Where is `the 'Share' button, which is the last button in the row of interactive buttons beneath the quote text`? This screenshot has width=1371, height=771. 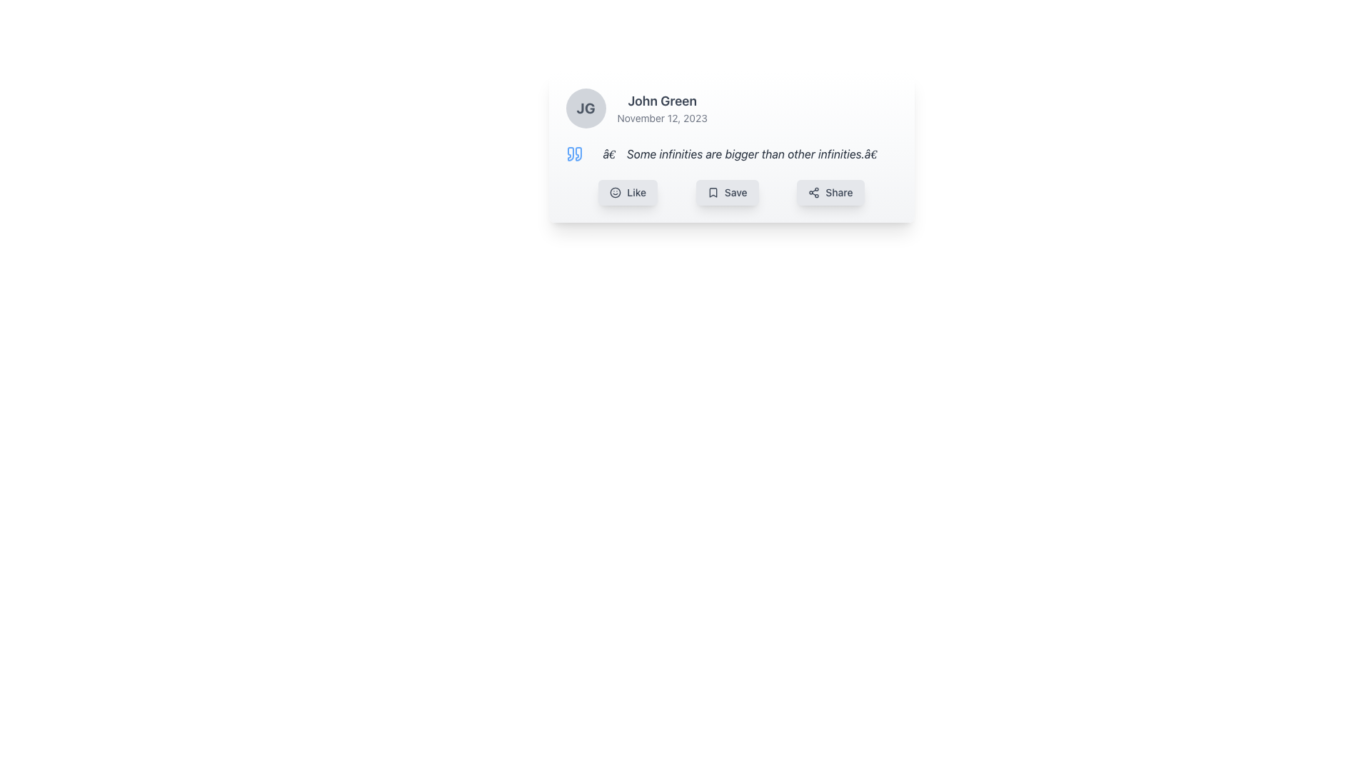
the 'Share' button, which is the last button in the row of interactive buttons beneath the quote text is located at coordinates (839, 193).